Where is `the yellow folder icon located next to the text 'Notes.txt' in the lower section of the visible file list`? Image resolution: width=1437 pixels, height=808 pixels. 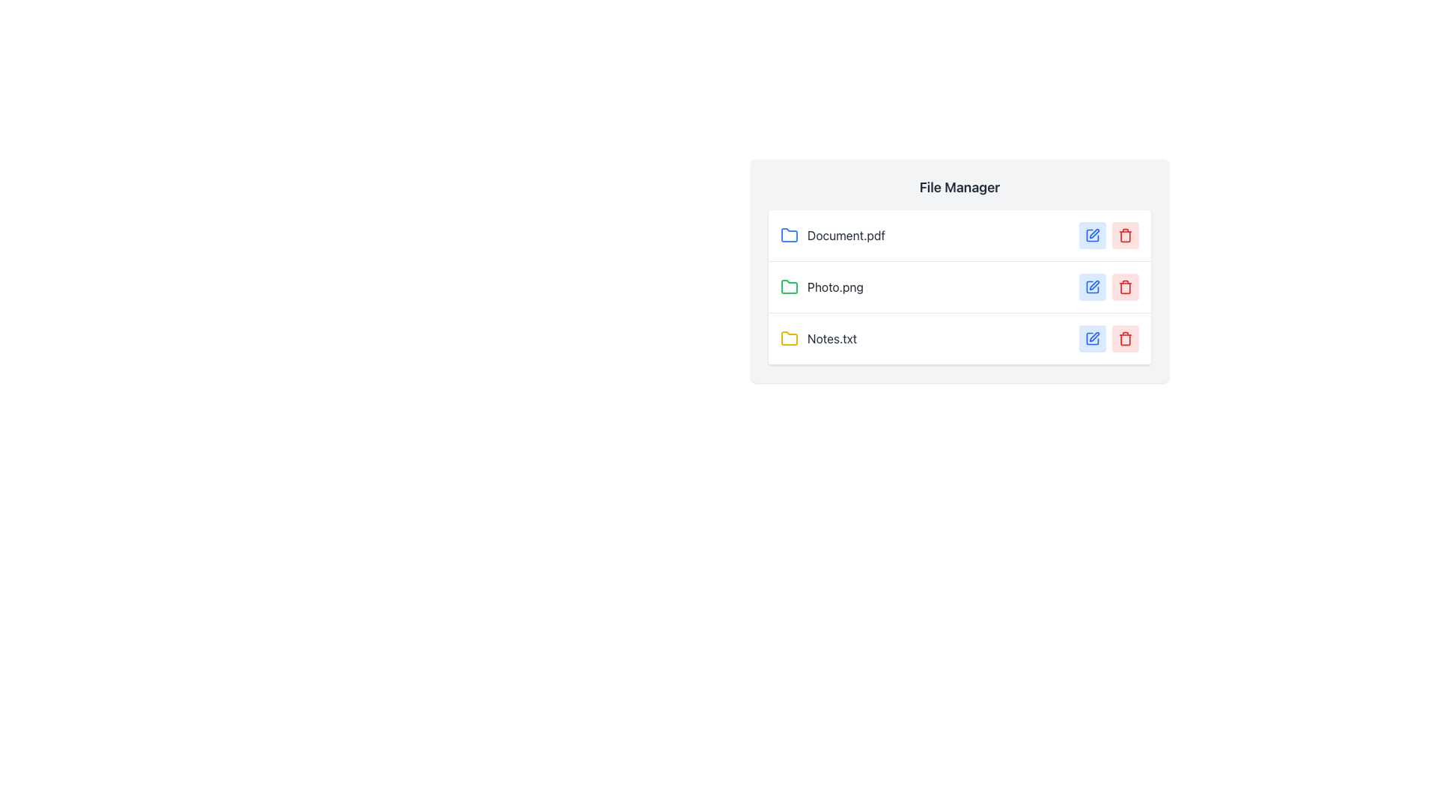 the yellow folder icon located next to the text 'Notes.txt' in the lower section of the visible file list is located at coordinates (789, 338).